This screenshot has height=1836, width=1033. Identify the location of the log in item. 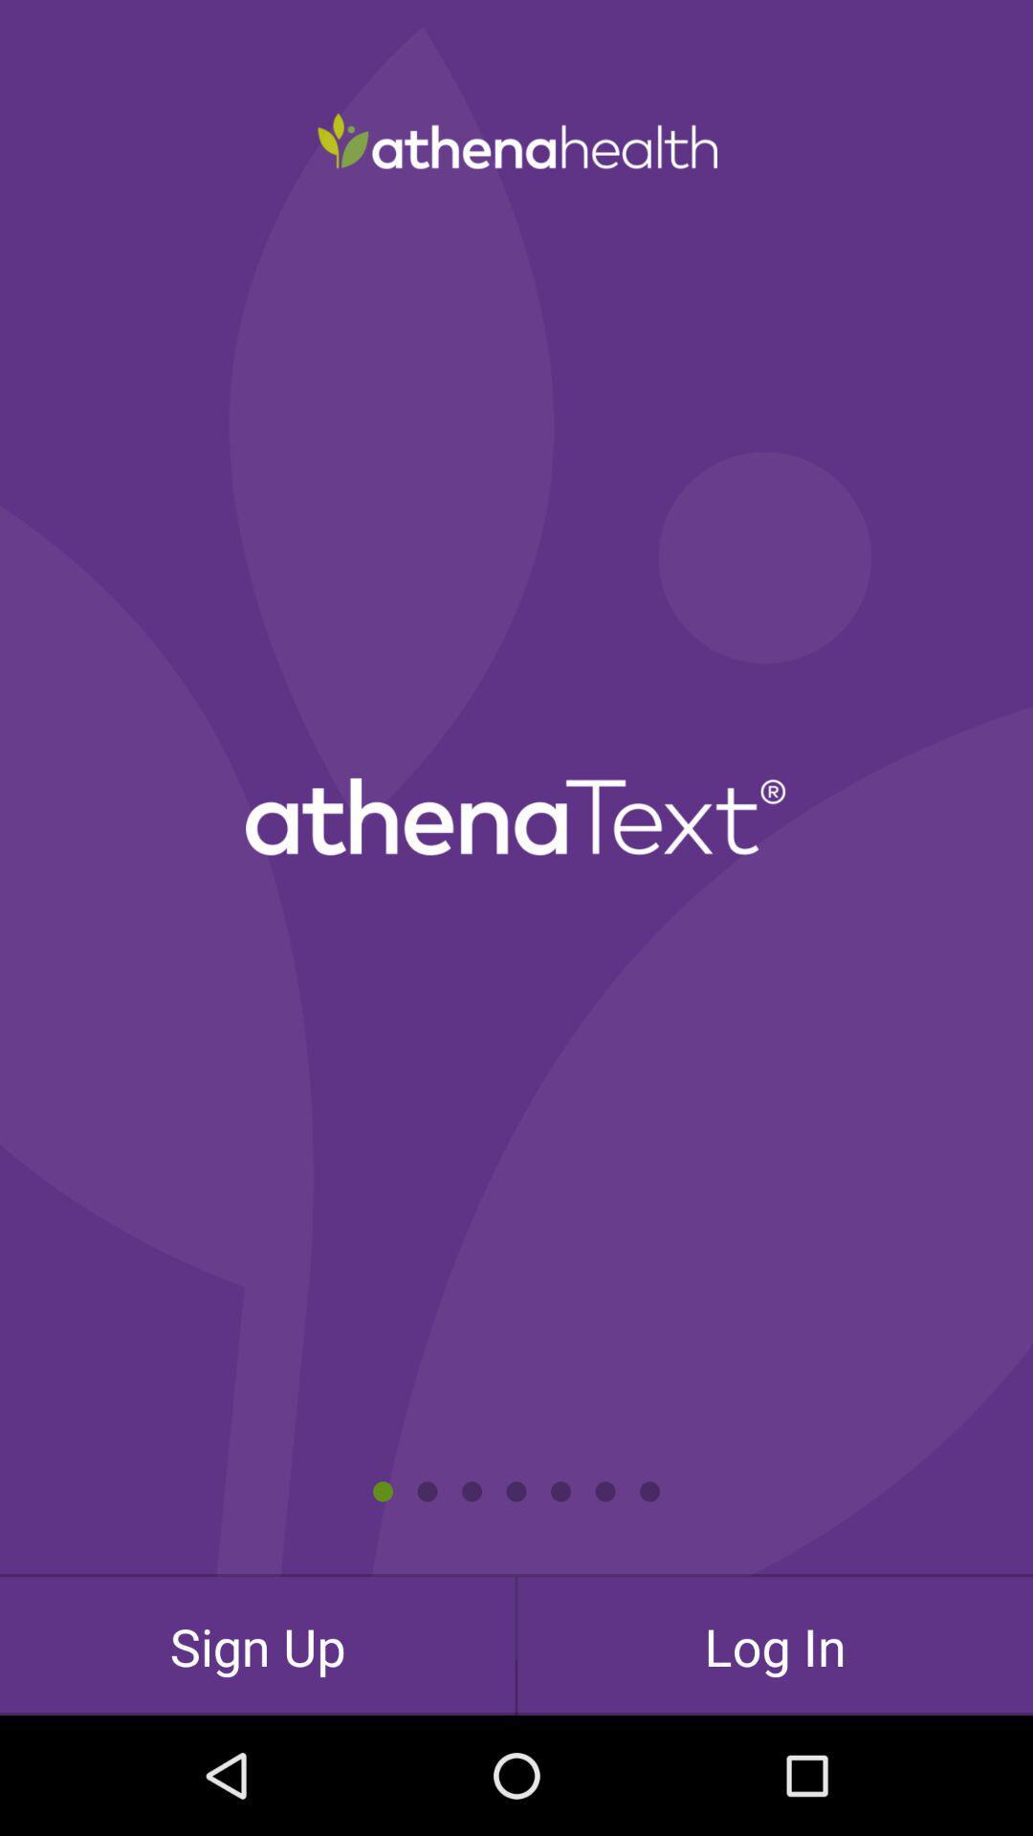
(775, 1645).